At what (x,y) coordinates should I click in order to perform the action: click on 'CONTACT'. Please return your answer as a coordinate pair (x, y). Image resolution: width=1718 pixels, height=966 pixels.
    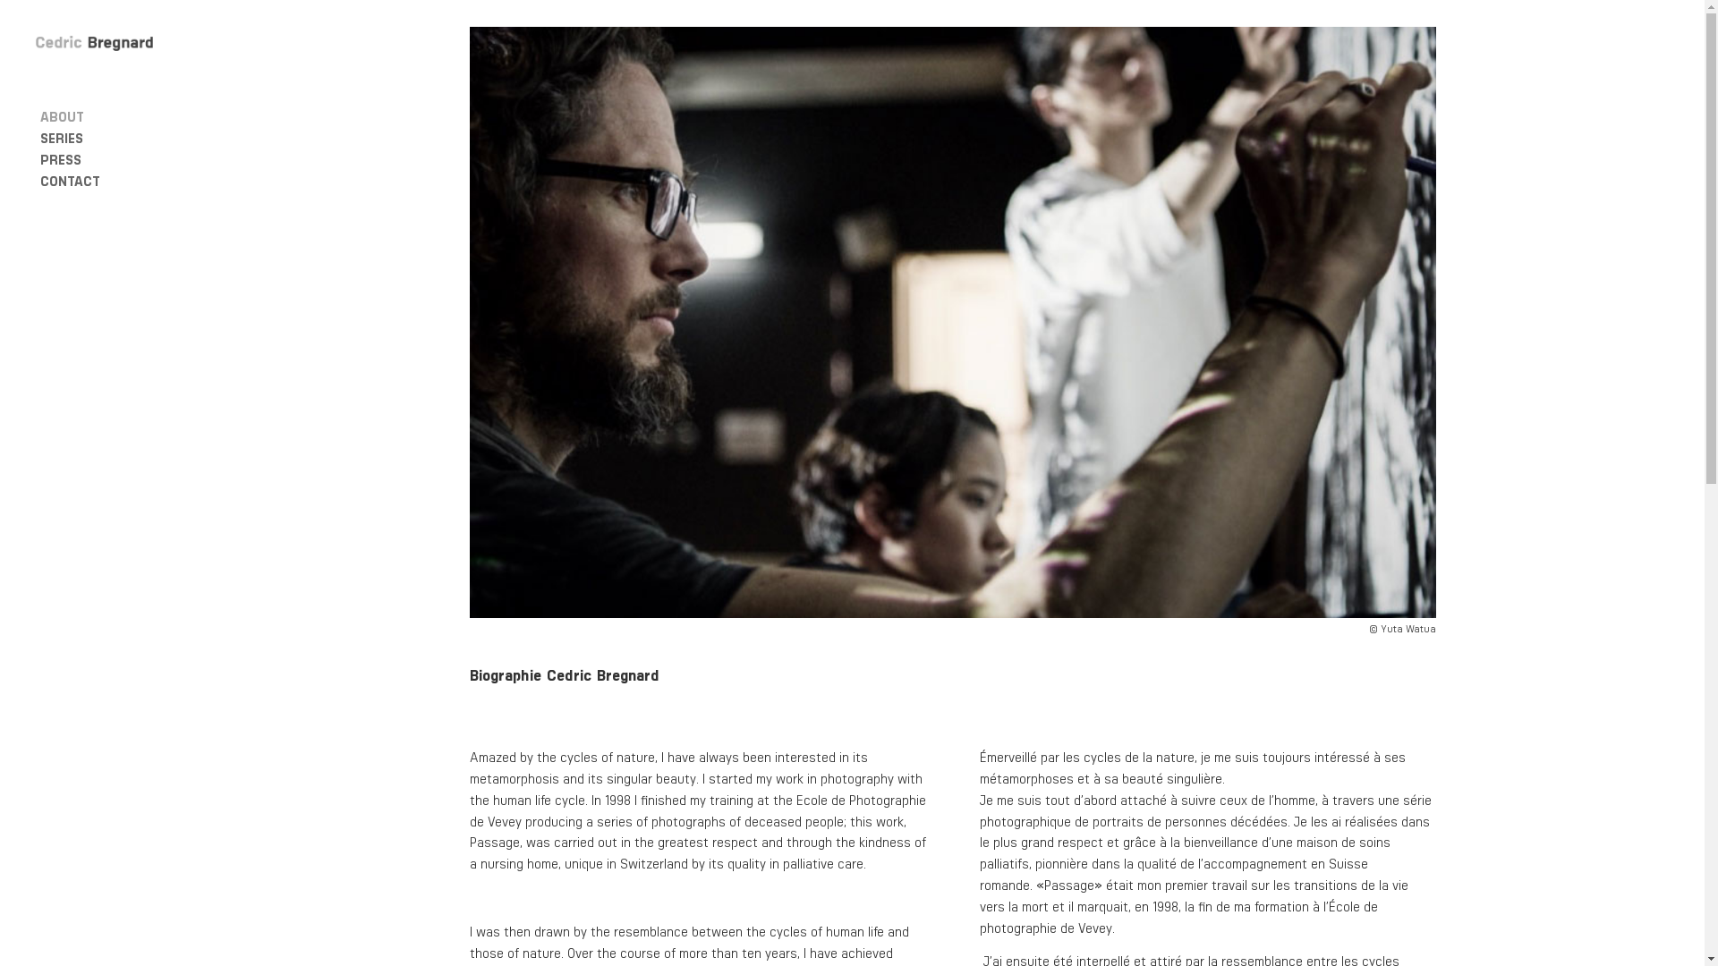
    Looking at the image, I should click on (117, 180).